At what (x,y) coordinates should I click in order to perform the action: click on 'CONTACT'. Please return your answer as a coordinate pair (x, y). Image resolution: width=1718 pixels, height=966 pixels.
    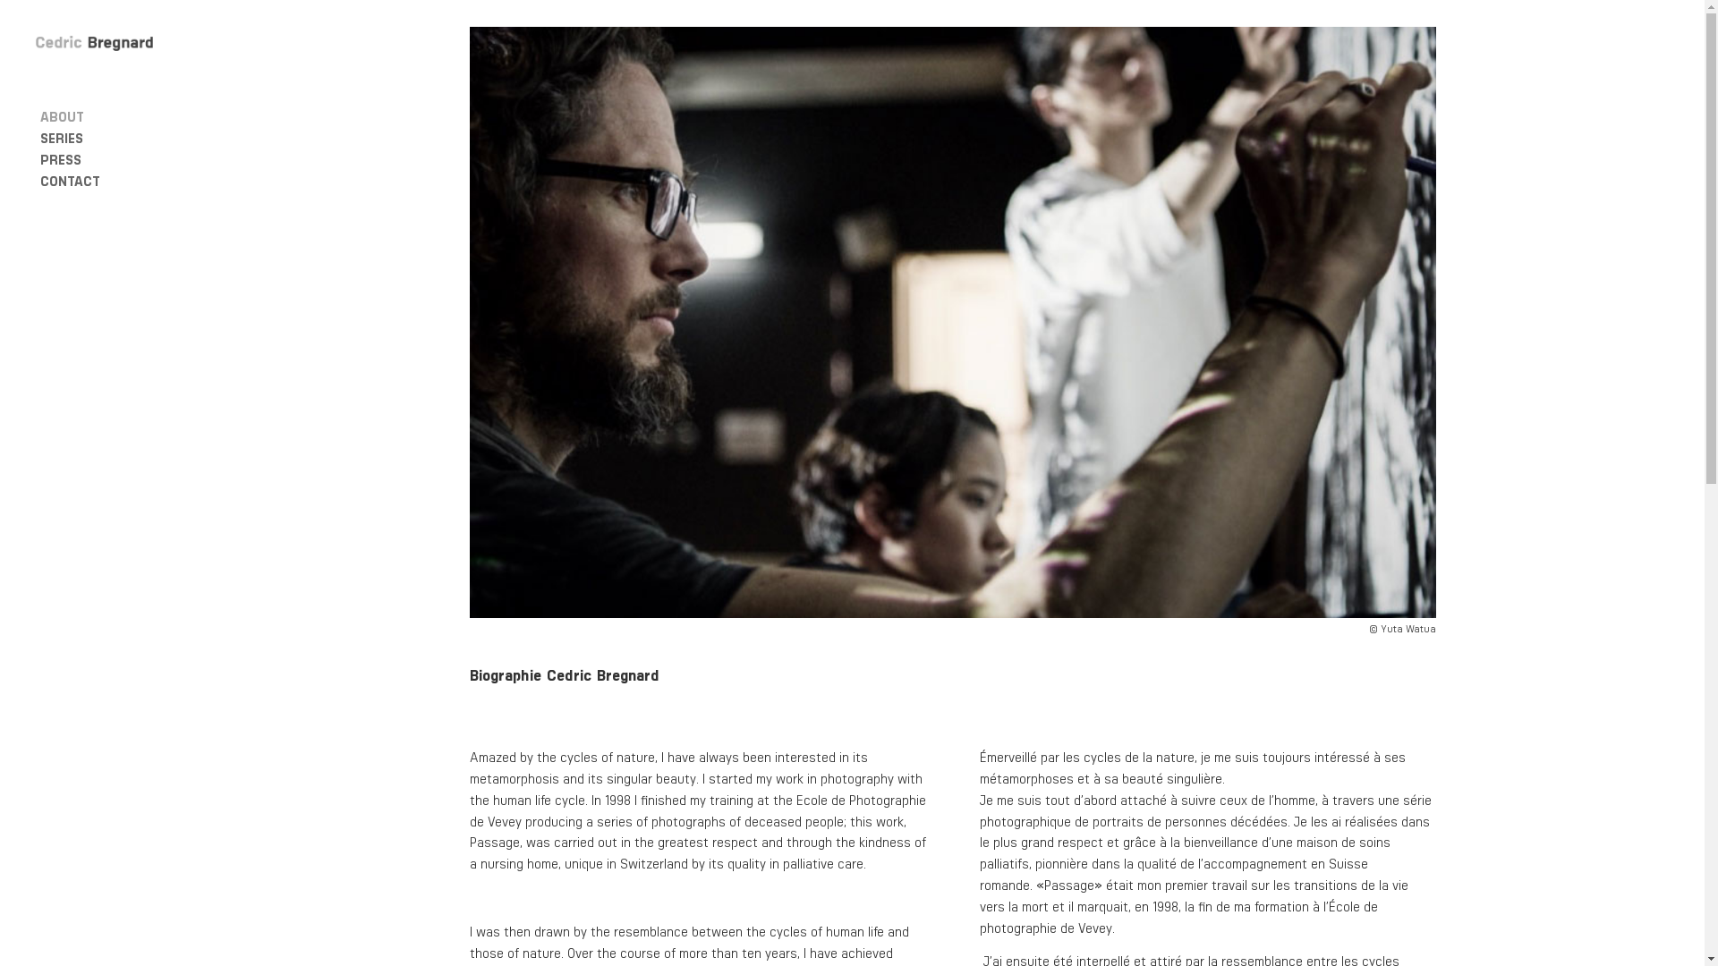
    Looking at the image, I should click on (117, 180).